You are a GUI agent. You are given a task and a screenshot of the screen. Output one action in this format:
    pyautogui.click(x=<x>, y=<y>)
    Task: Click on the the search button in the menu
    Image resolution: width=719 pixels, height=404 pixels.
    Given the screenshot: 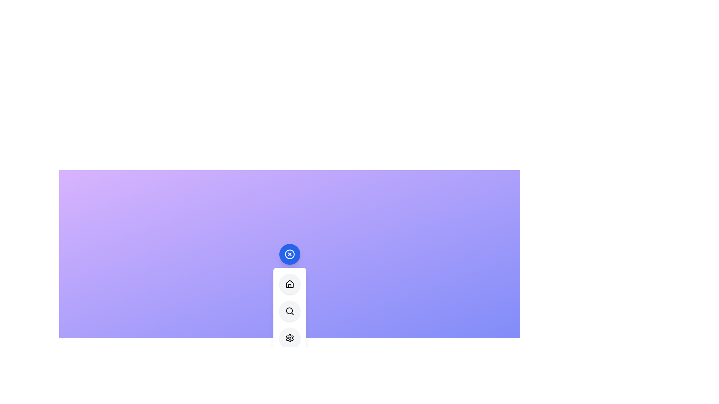 What is the action you would take?
    pyautogui.click(x=289, y=311)
    